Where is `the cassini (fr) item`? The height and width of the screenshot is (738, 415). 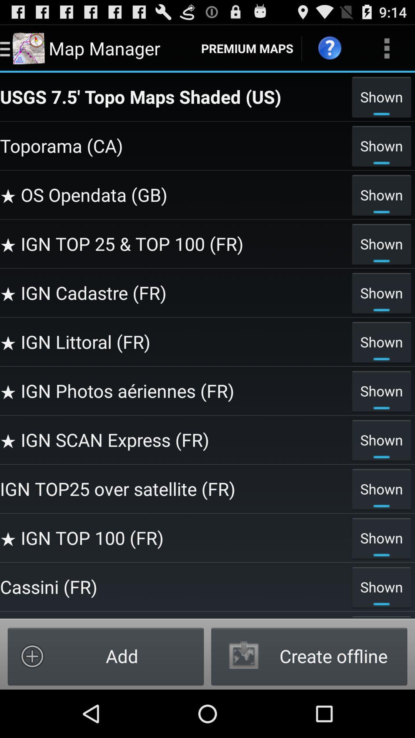
the cassini (fr) item is located at coordinates (174, 586).